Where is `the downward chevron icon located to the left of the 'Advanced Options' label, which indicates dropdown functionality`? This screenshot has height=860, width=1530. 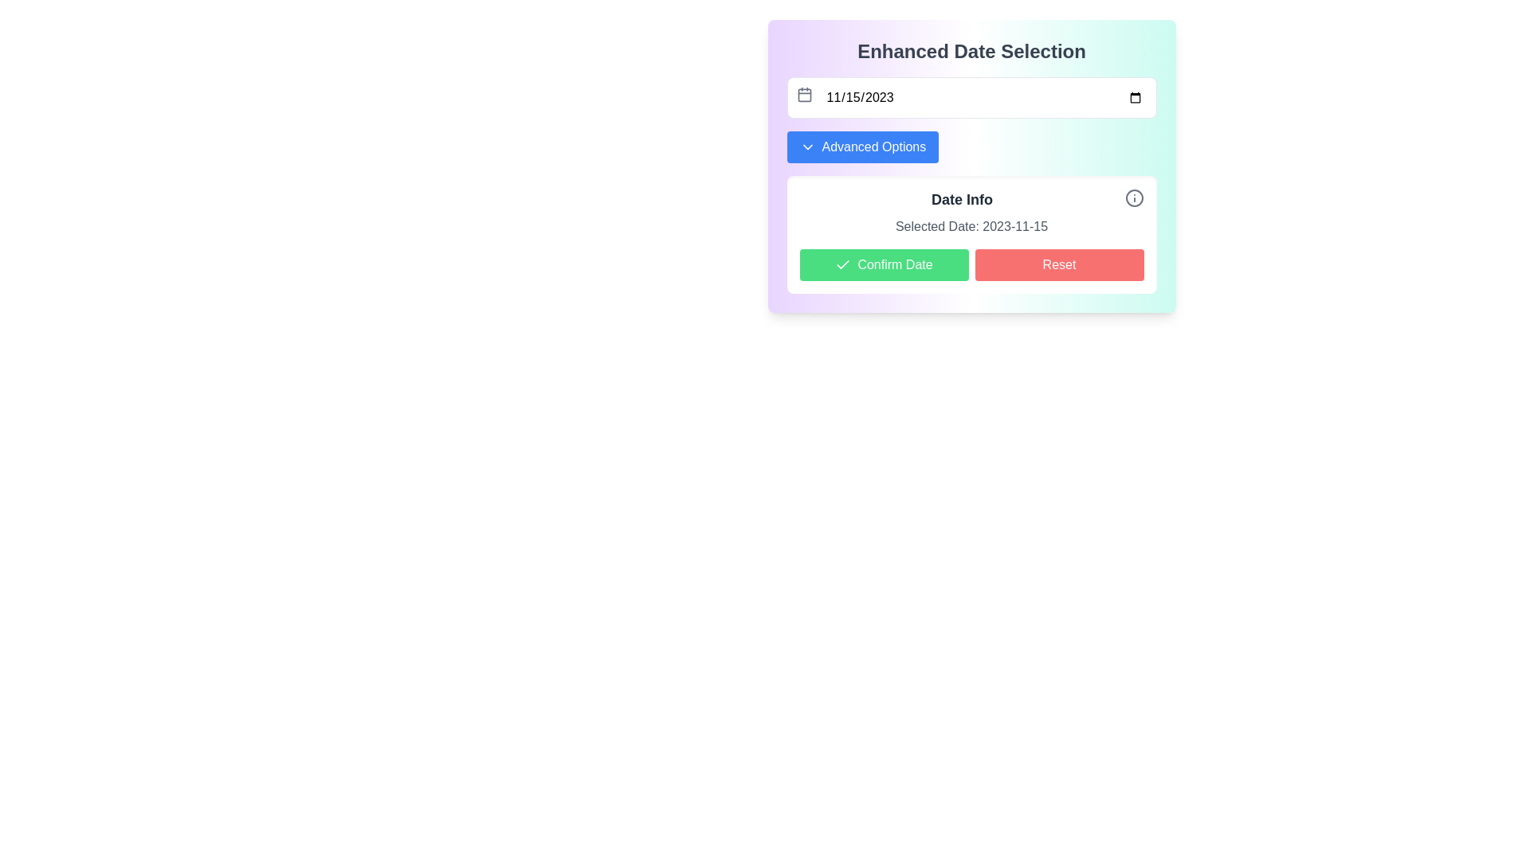 the downward chevron icon located to the left of the 'Advanced Options' label, which indicates dropdown functionality is located at coordinates (807, 147).